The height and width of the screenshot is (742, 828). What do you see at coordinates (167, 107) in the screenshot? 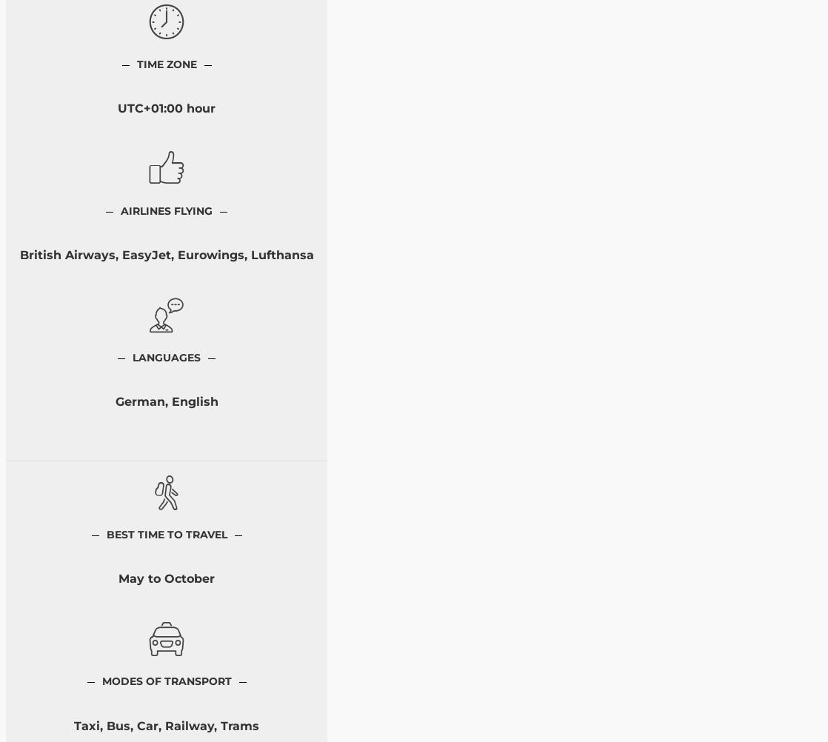
I see `'UTC+01:00 hour'` at bounding box center [167, 107].